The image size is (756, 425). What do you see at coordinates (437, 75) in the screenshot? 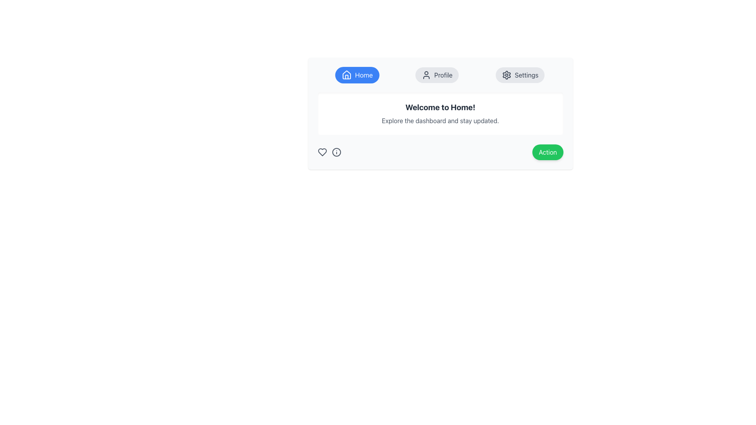
I see `the 'Profile' button, which is the second interactive item in the navigation bar` at bounding box center [437, 75].